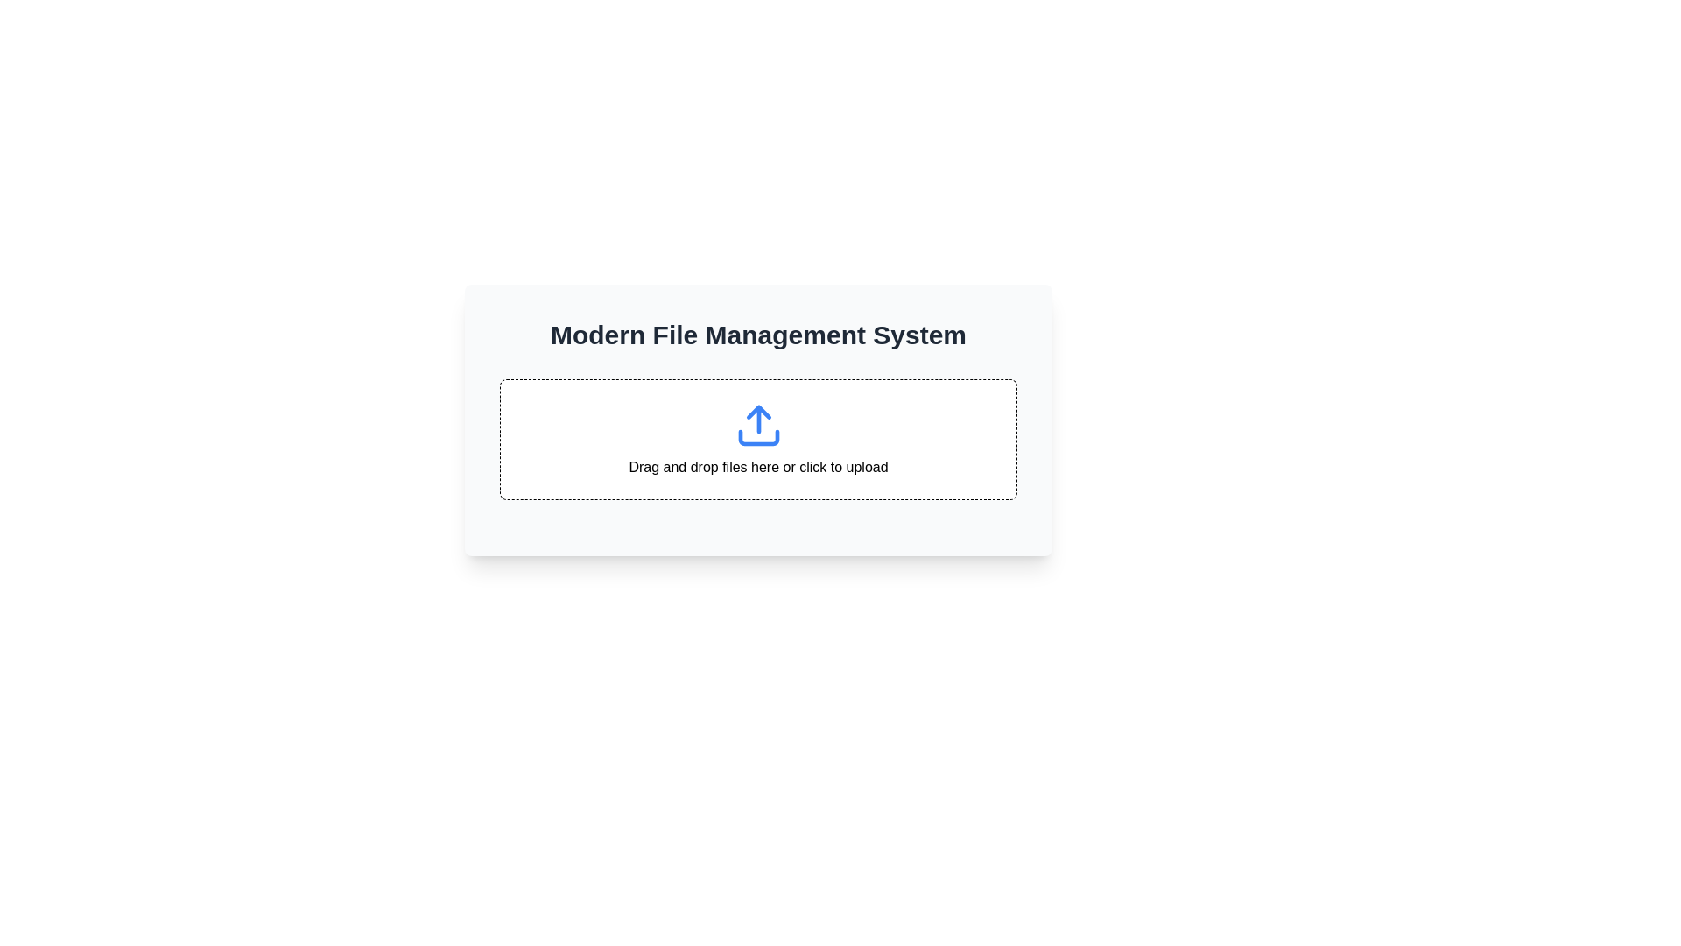 The width and height of the screenshot is (1681, 946). Describe the element at coordinates (758, 438) in the screenshot. I see `the Drag-and-drop file upload box located beneath the 'Modern File Management System' heading` at that location.